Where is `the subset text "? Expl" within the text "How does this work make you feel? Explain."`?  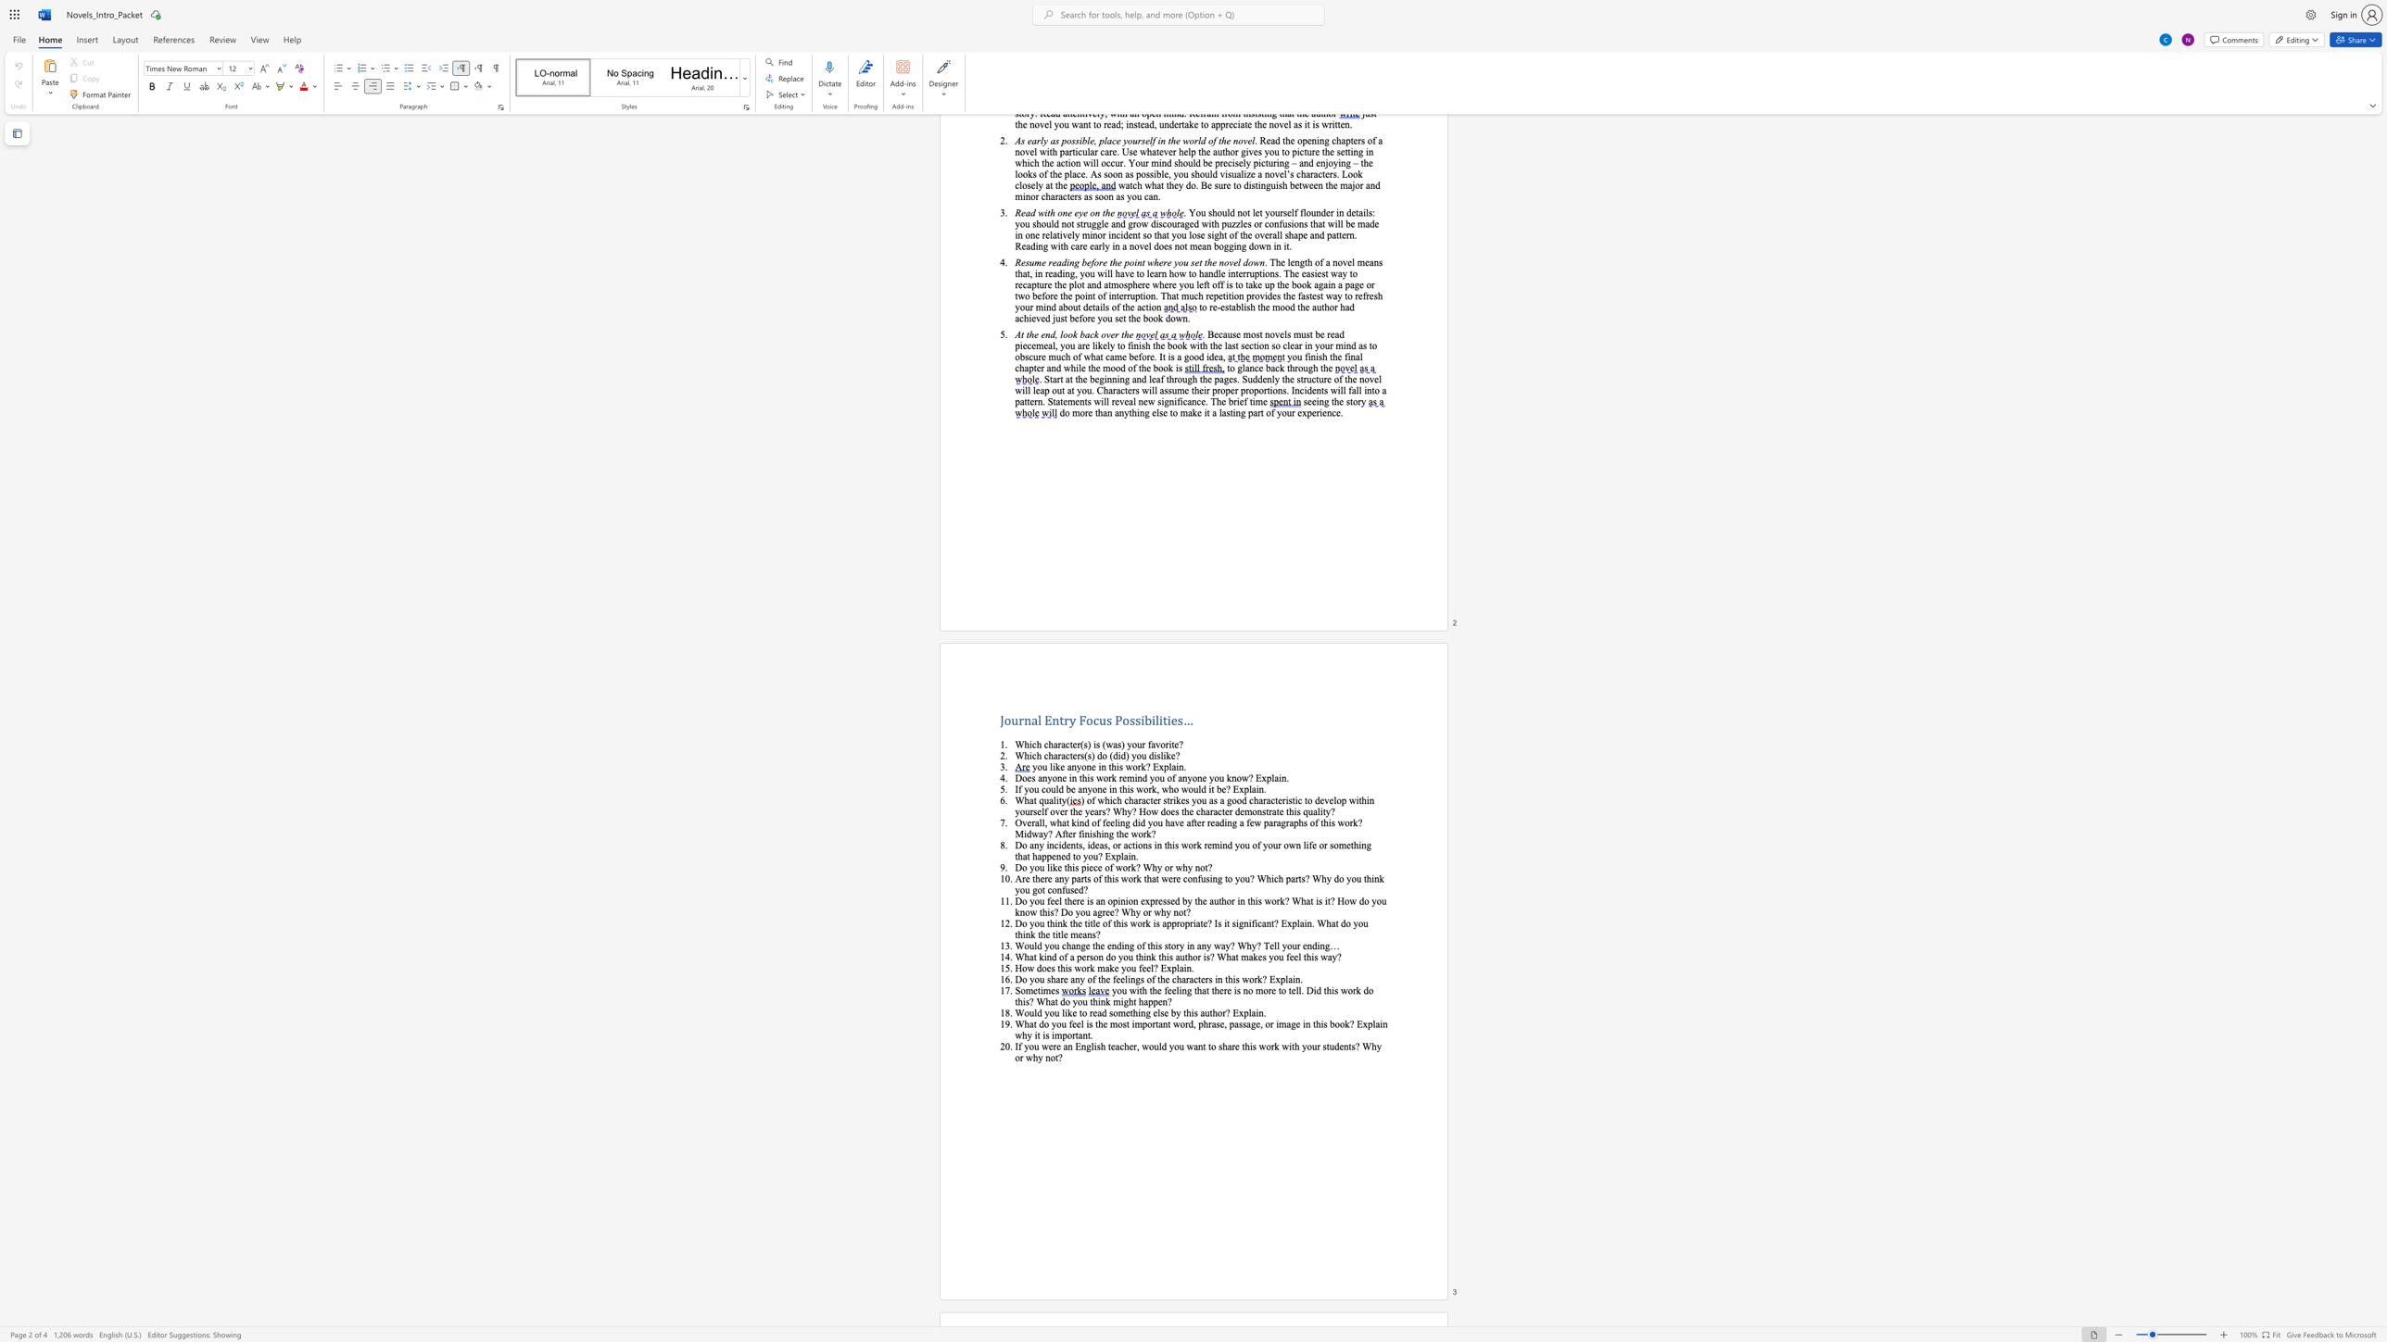 the subset text "? Expl" within the text "How does this work make you feel? Explain." is located at coordinates (1153, 967).